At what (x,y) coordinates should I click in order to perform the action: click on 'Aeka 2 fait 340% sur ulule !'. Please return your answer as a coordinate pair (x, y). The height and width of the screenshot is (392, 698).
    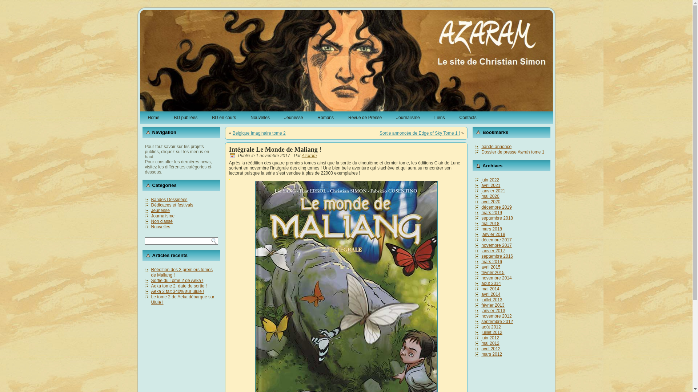
    Looking at the image, I should click on (178, 291).